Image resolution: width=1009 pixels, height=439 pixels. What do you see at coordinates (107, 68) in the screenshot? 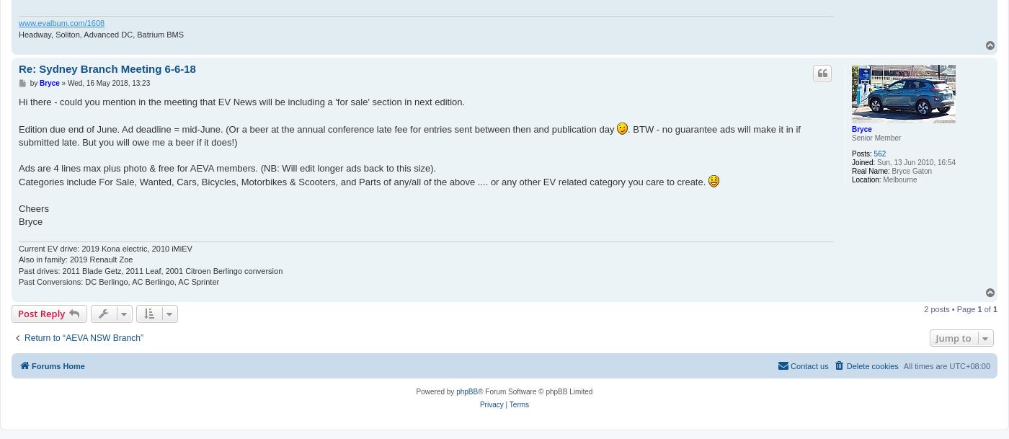
I see `'Re: Sydney Branch Meeting 6-6-18'` at bounding box center [107, 68].